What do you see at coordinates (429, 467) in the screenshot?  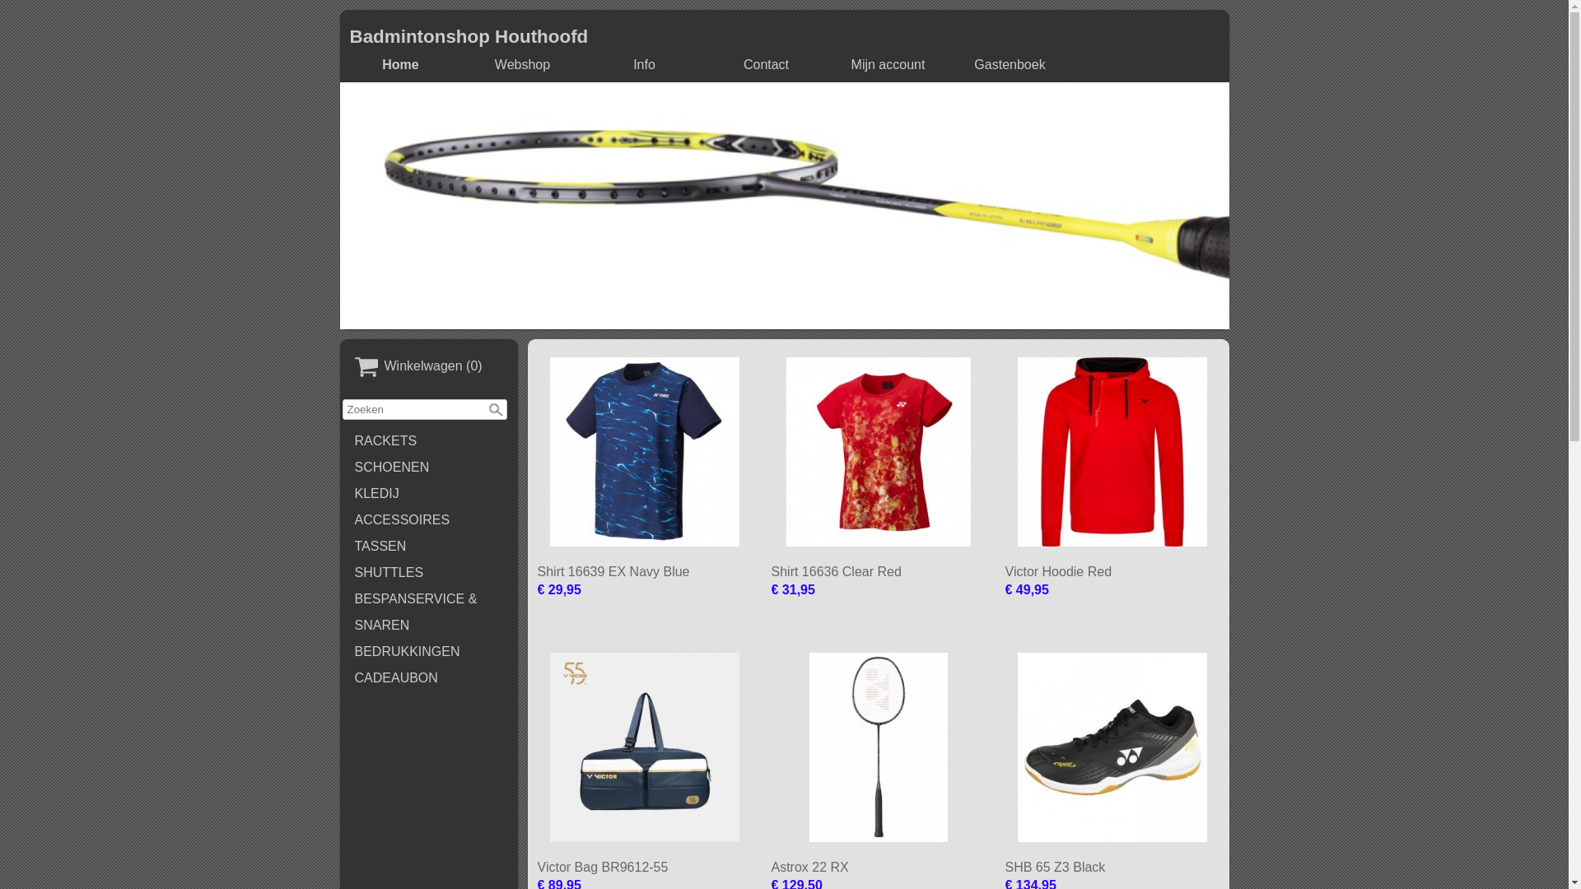 I see `'SCHOENEN'` at bounding box center [429, 467].